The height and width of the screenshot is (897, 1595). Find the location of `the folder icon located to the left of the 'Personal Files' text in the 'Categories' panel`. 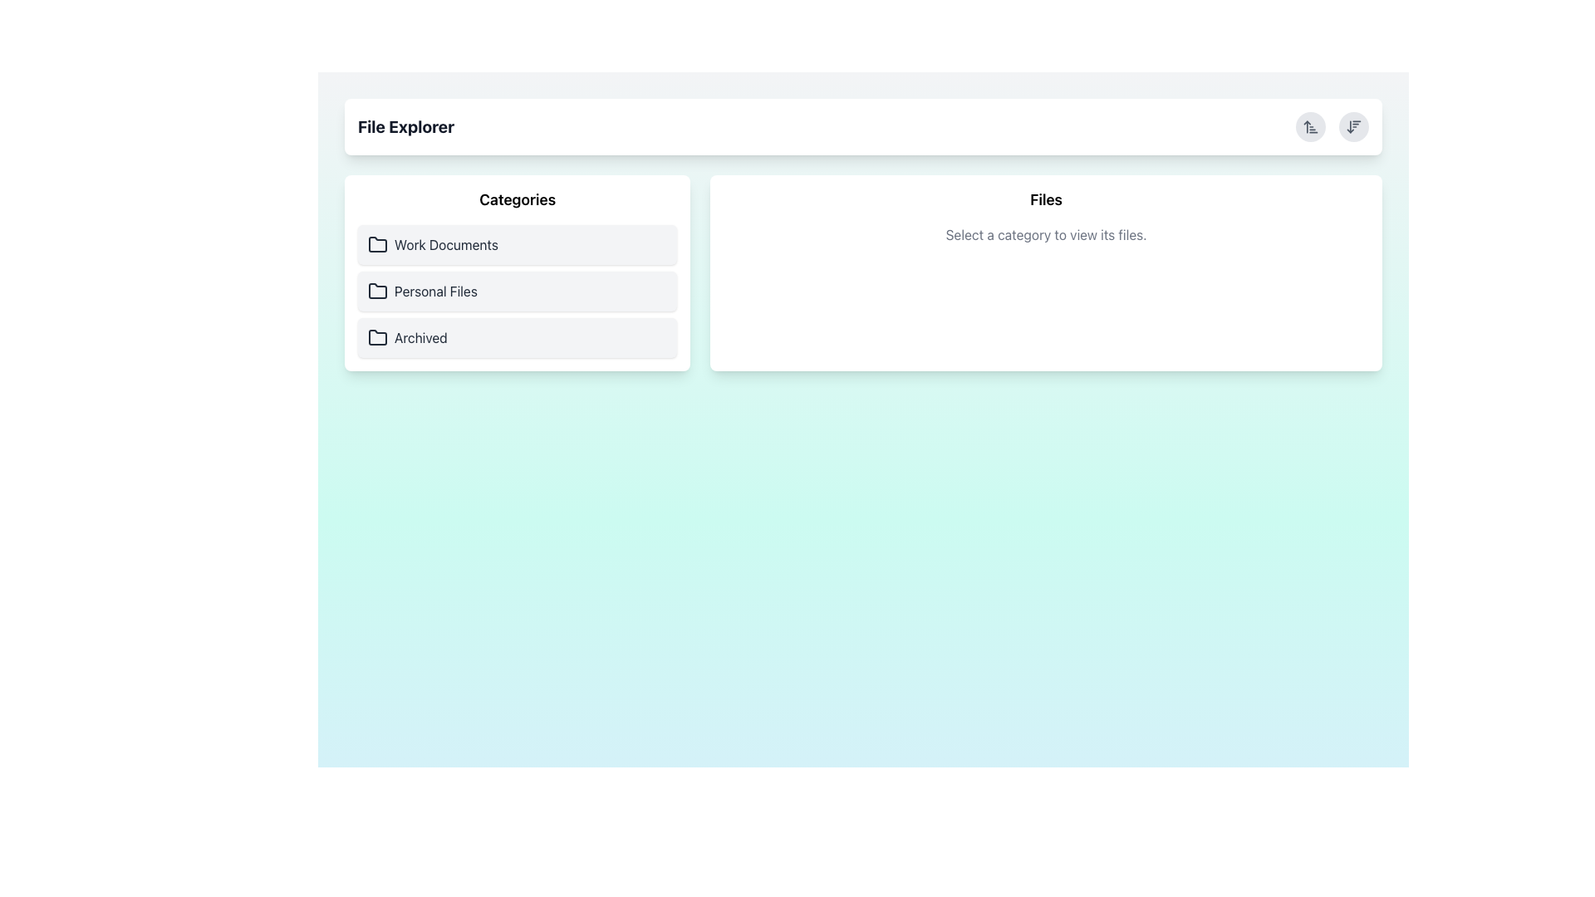

the folder icon located to the left of the 'Personal Files' text in the 'Categories' panel is located at coordinates (377, 291).